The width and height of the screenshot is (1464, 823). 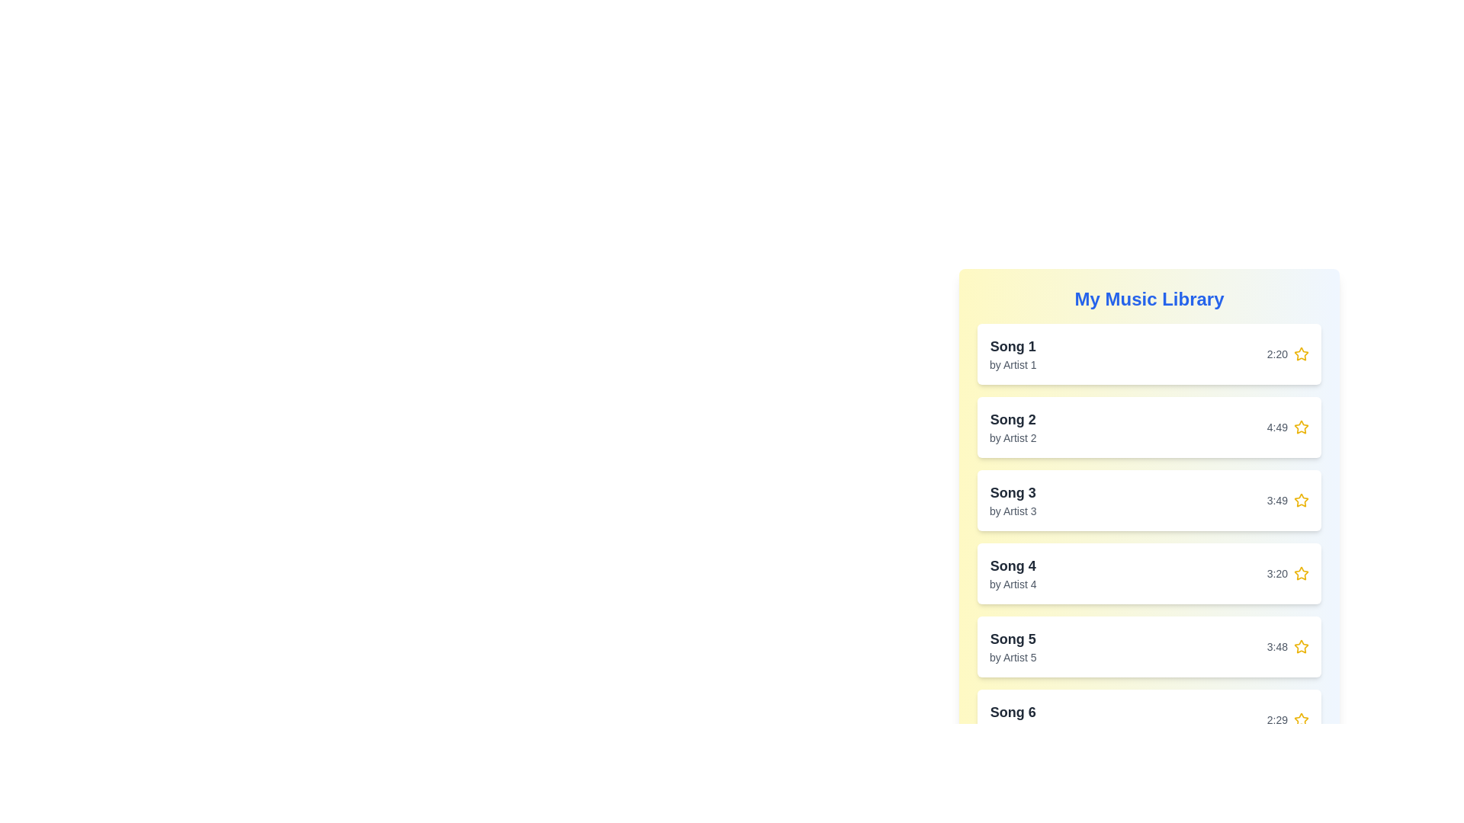 I want to click on the star icon located to the right of the '2:20' text to favorite 'Song 1', so click(x=1301, y=354).